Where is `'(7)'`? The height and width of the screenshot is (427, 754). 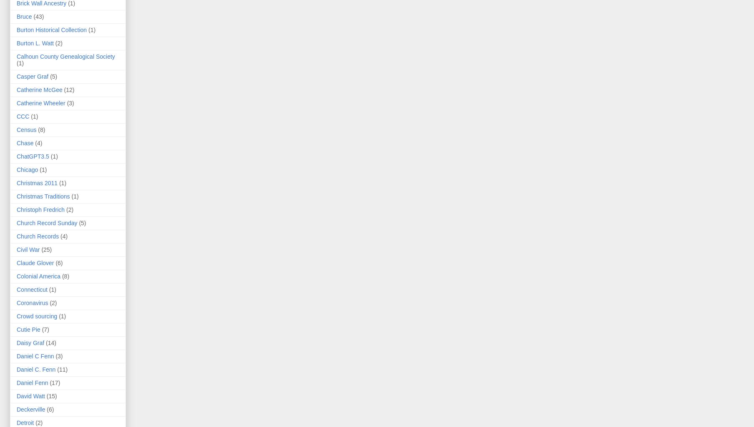 '(7)' is located at coordinates (45, 329).